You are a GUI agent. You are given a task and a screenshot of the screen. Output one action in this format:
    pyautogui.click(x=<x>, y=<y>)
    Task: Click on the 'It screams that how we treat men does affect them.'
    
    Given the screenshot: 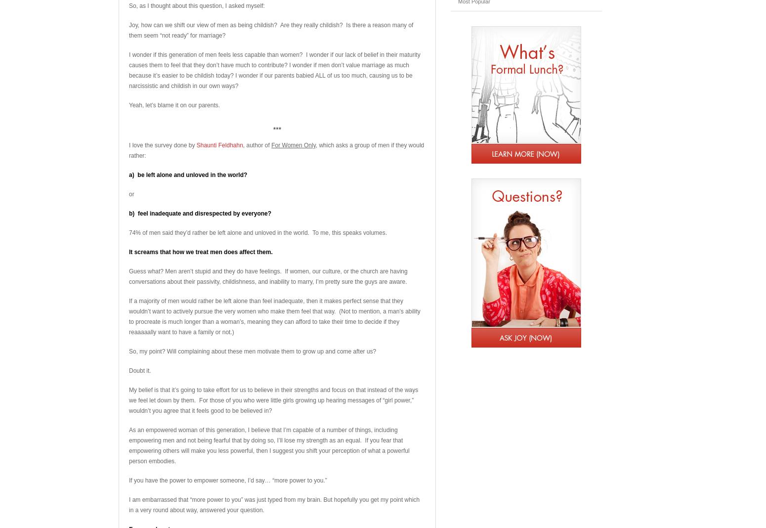 What is the action you would take?
    pyautogui.click(x=200, y=252)
    